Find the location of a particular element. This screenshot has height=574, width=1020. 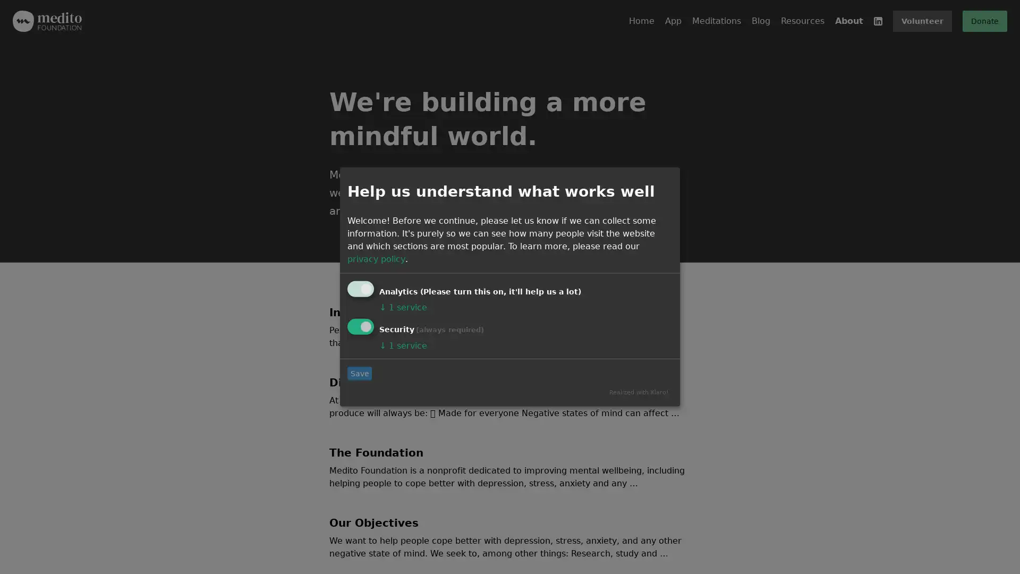

Donate is located at coordinates (984, 21).